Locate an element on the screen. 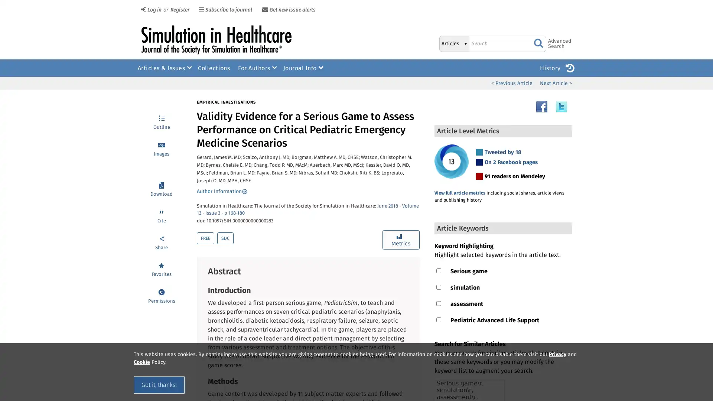 Image resolution: width=713 pixels, height=401 pixels. Outline is located at coordinates (161, 121).